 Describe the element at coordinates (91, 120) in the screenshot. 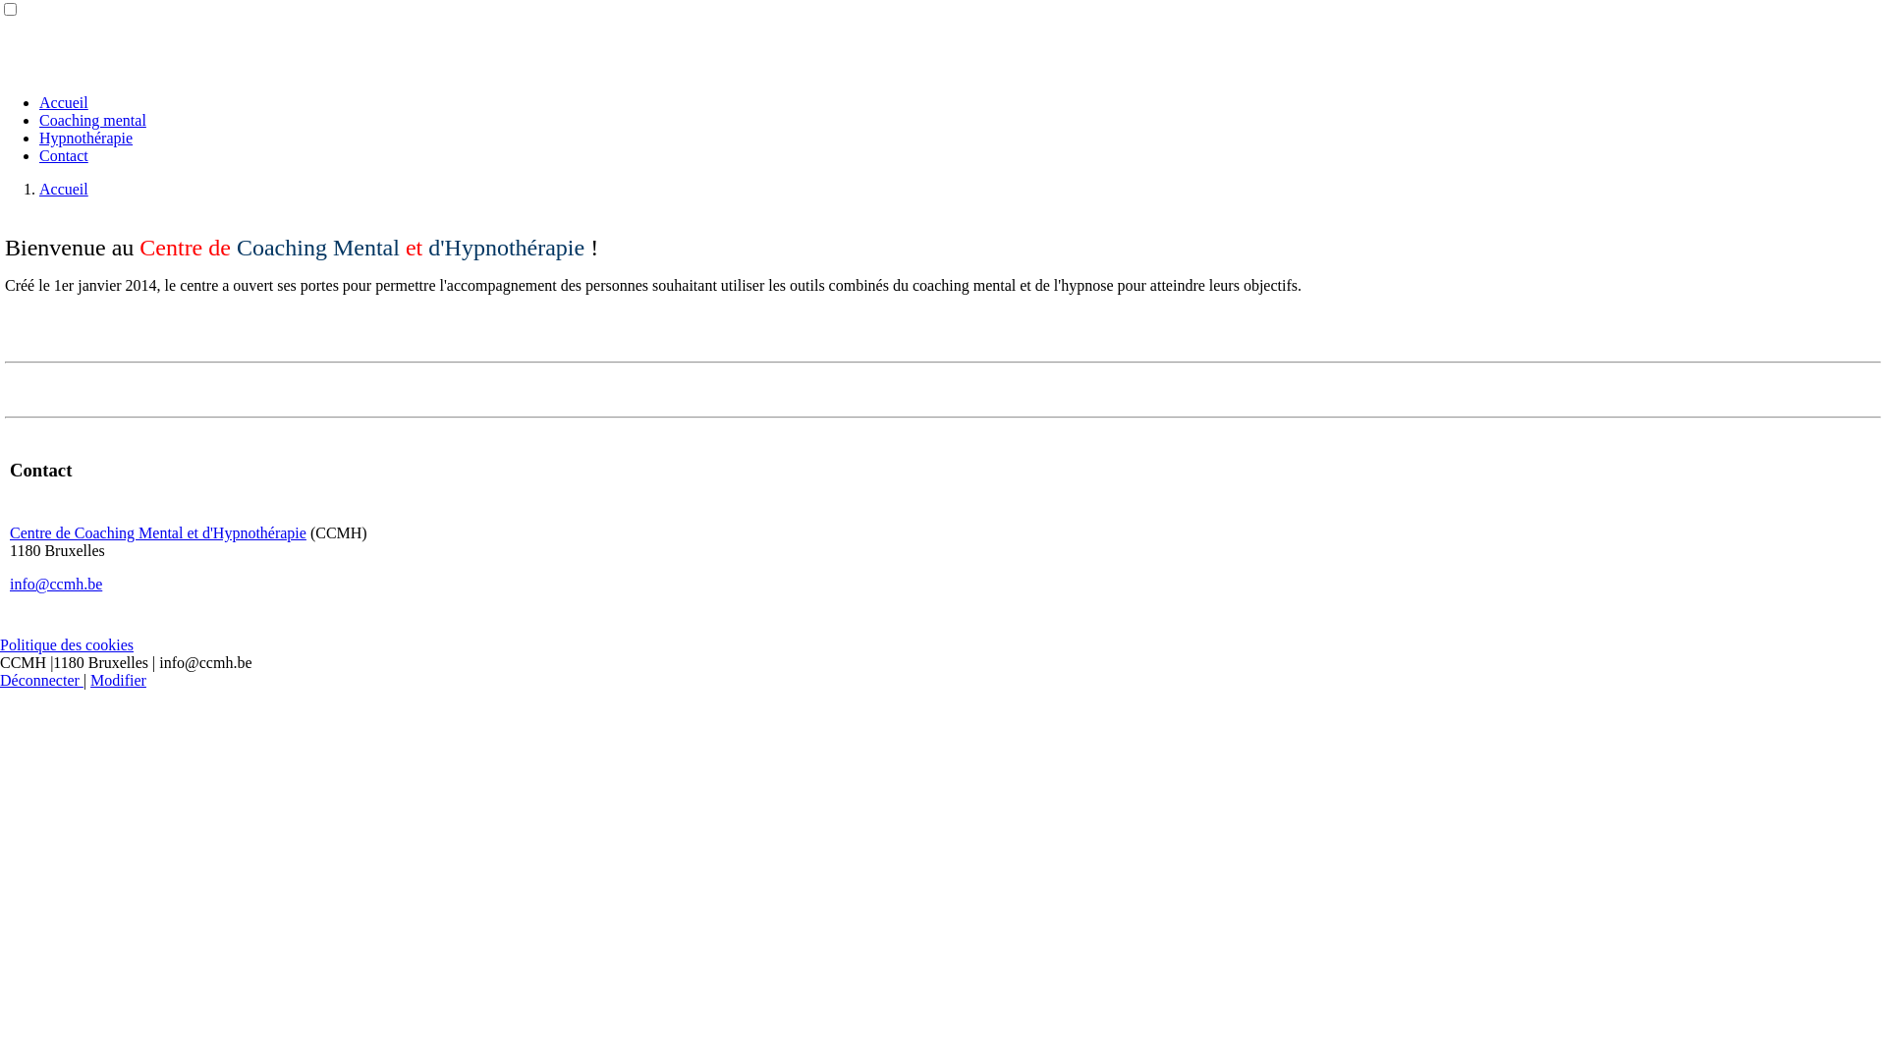

I see `'Coaching mental'` at that location.